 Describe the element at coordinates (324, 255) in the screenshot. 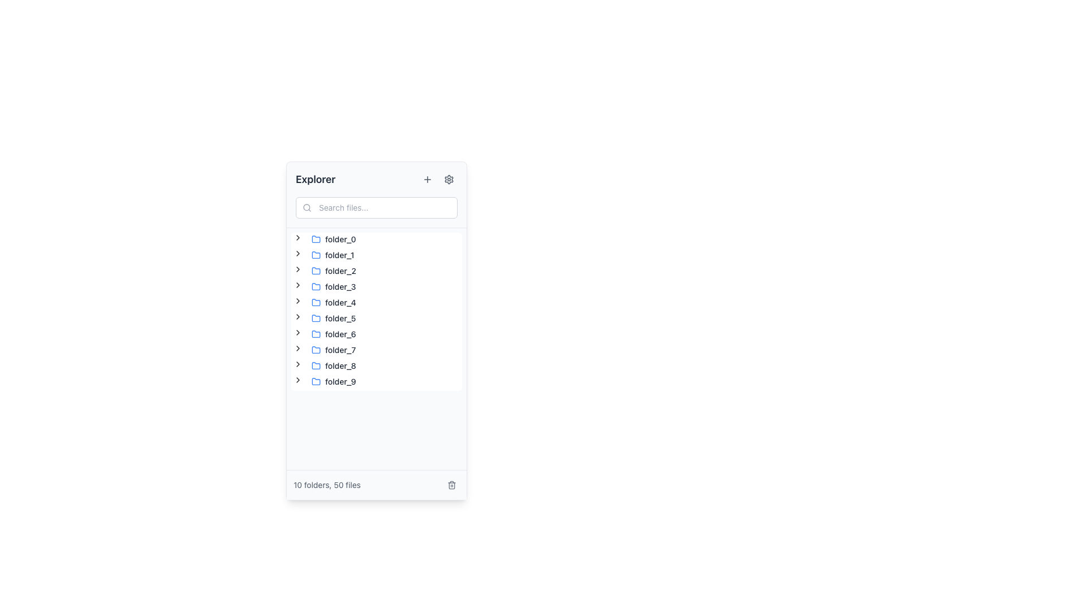

I see `the tree node labeled 'folder_1', which is the second entry` at that location.